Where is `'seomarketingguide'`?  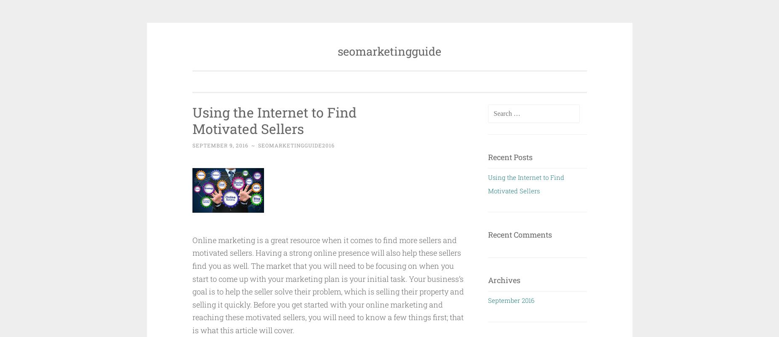
'seomarketingguide' is located at coordinates (389, 51).